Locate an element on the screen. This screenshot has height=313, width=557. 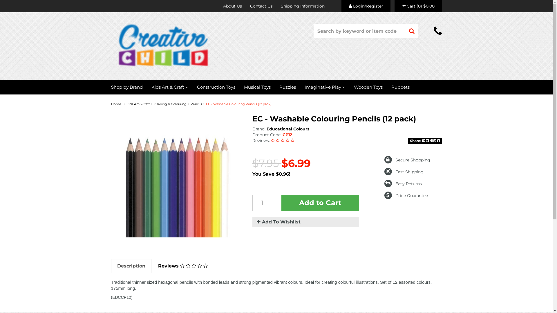
'Pencils' is located at coordinates (196, 103).